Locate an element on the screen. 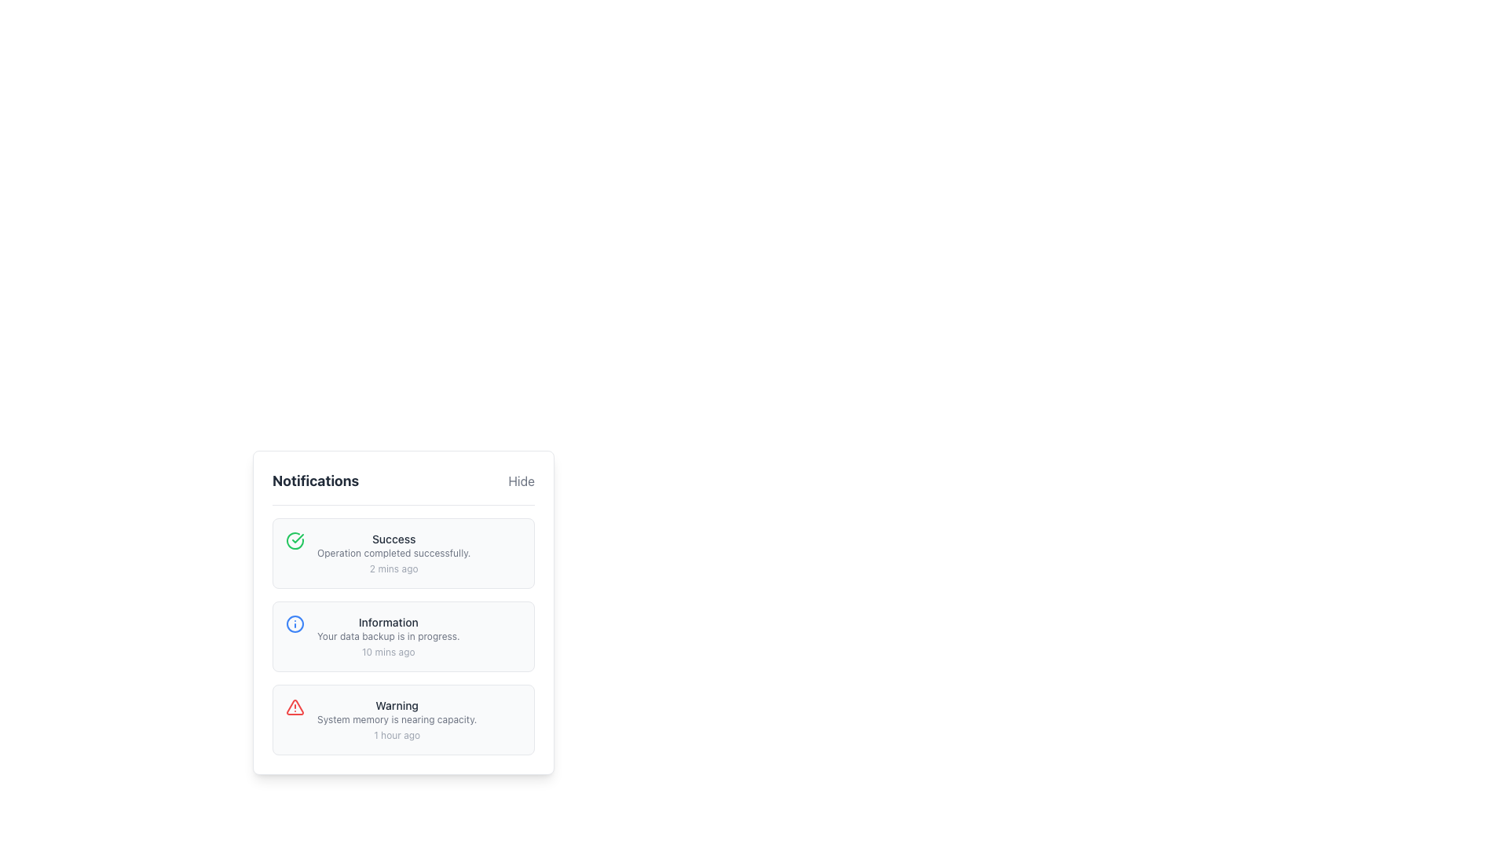 This screenshot has height=848, width=1508. the static text label serving as the title for the notification, located at the top of the notification card, above the subtitle and timestamp is located at coordinates (388, 622).